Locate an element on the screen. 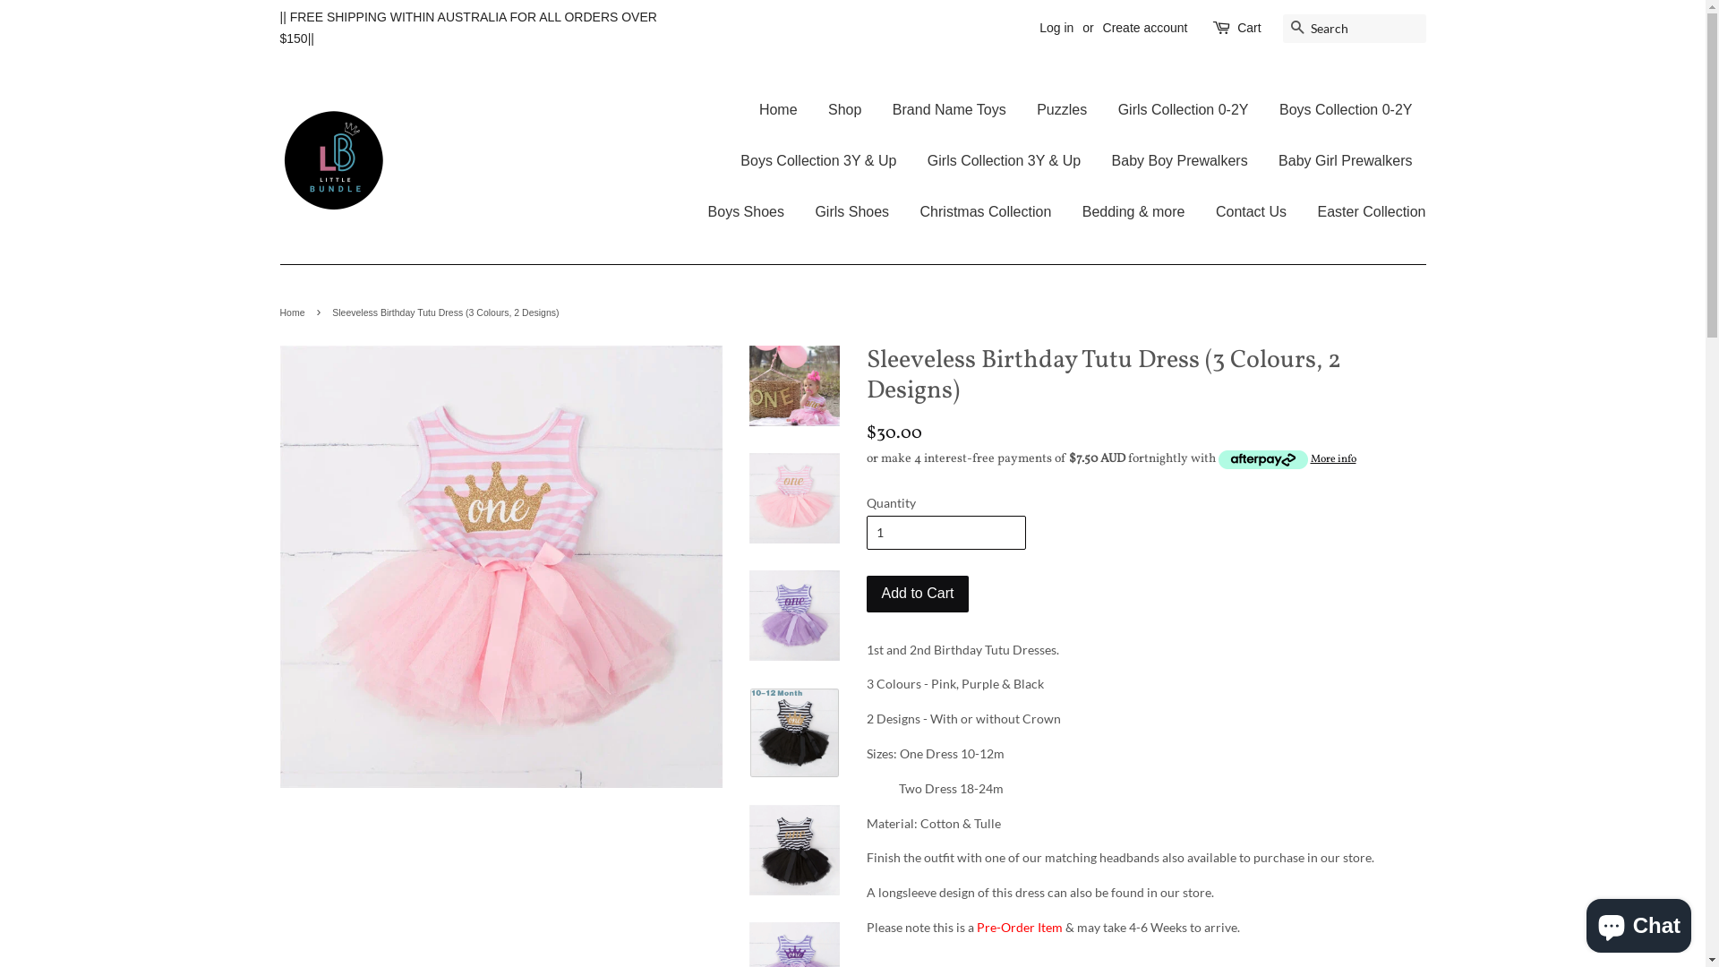 This screenshot has height=967, width=1719. 'Boys Collection 0-2Y' is located at coordinates (1265, 109).